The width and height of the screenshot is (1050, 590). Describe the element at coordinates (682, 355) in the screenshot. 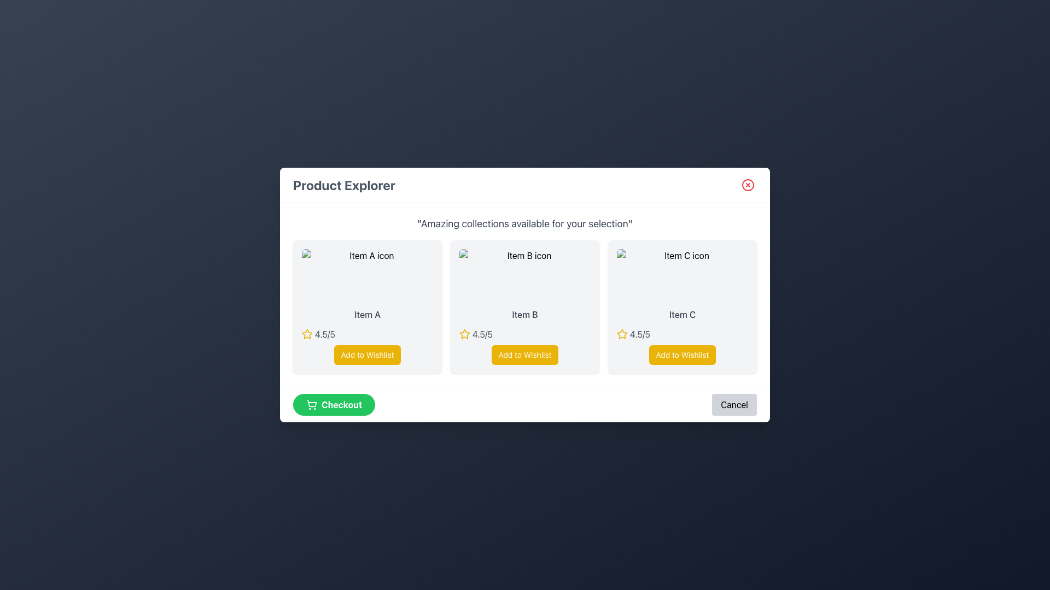

I see `the fourth interactive button within the card for 'Item C'` at that location.